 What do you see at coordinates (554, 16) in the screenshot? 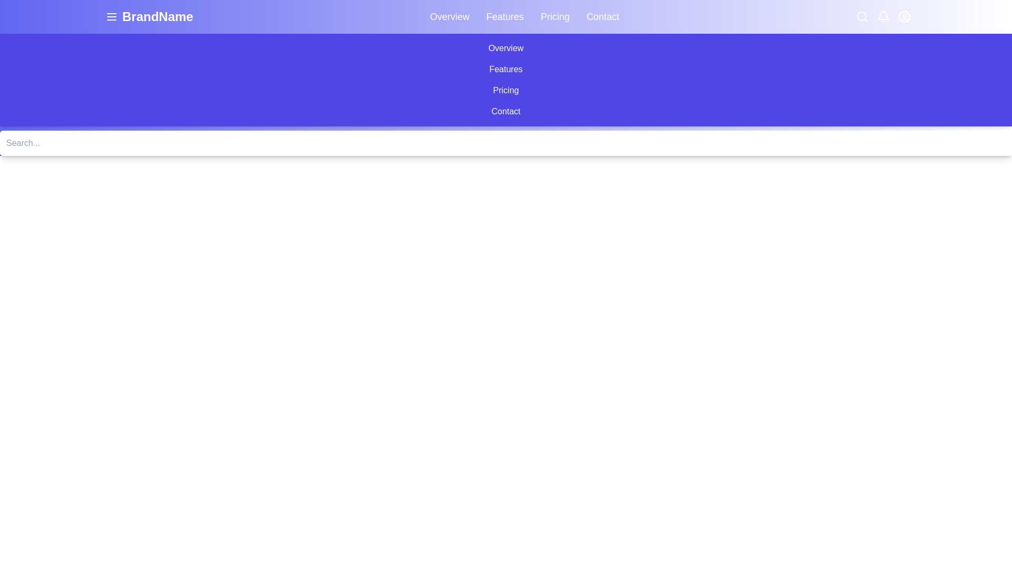
I see `the navigation link labeled 'Pricing' which is the third link from the left in a row of four links` at bounding box center [554, 16].